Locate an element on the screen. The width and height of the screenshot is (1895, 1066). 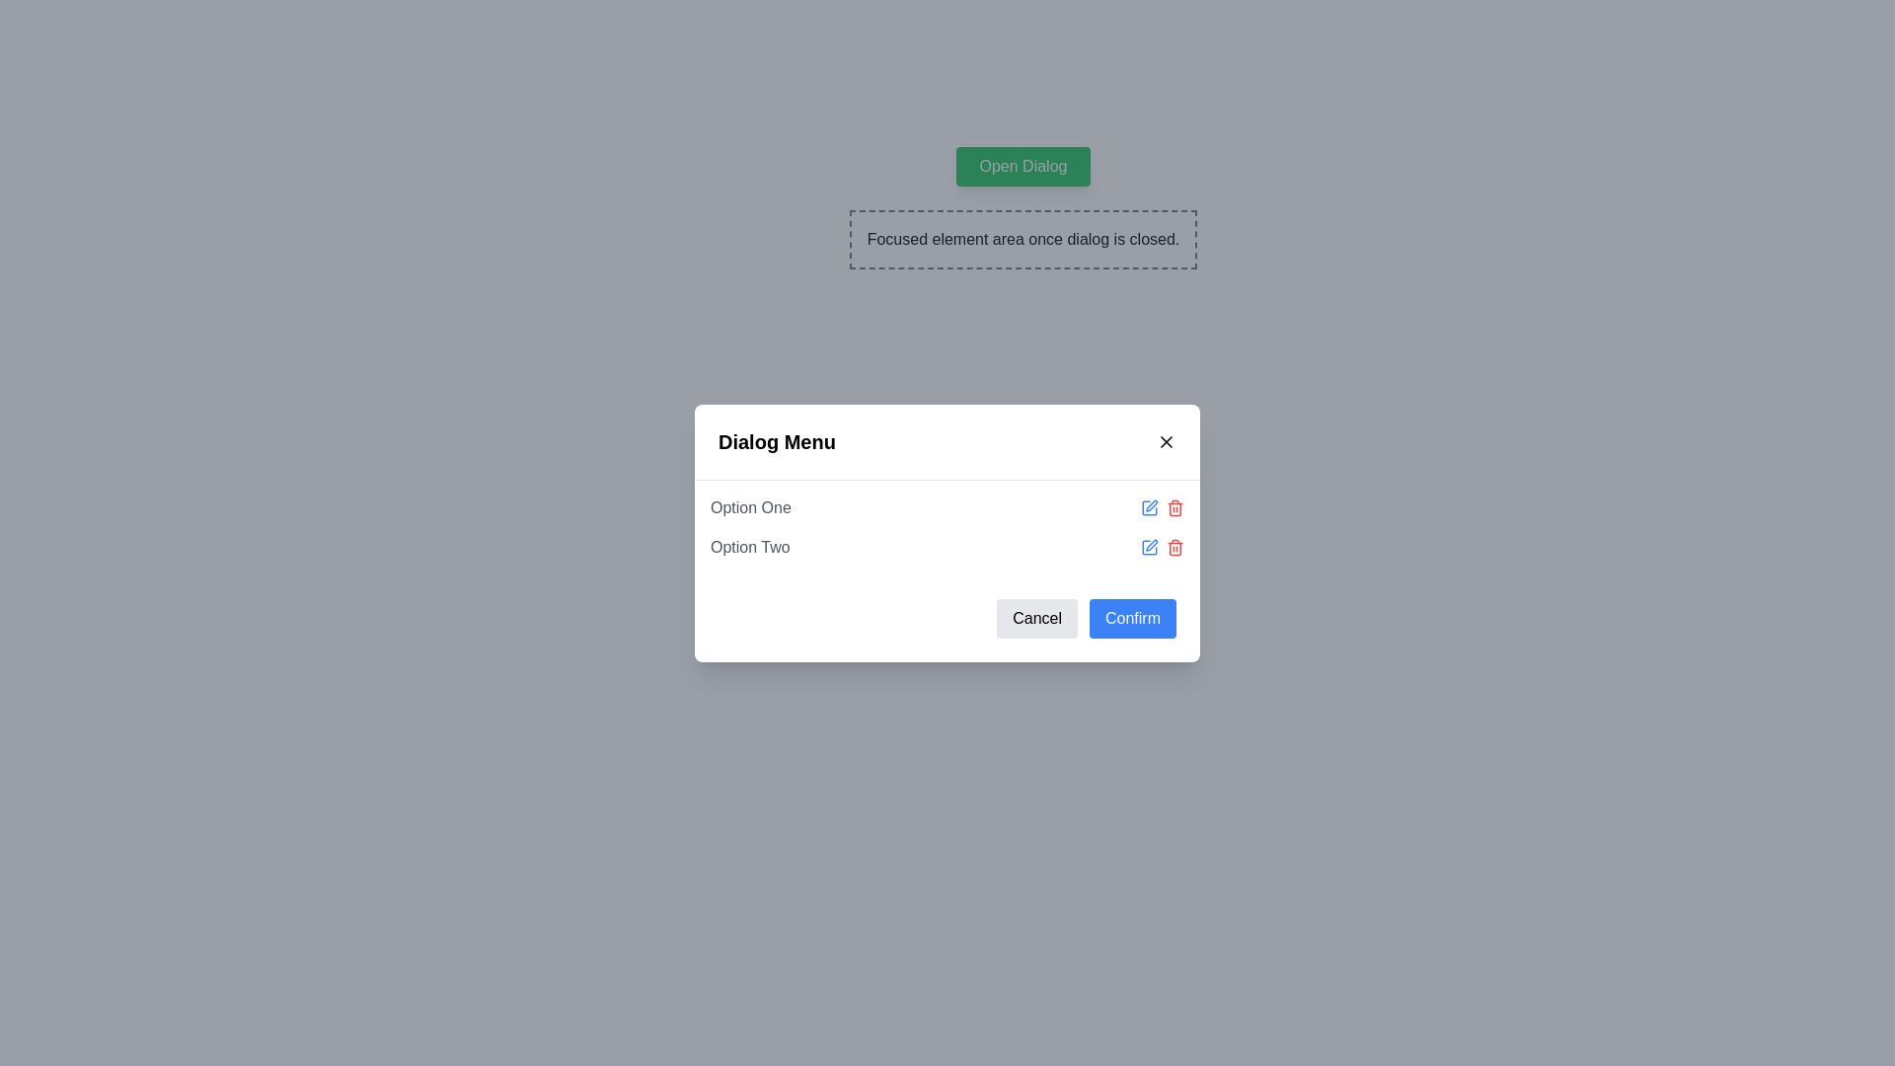
the dialog box header element titled 'Dialog Menu' to emphasize the title is located at coordinates (947, 440).